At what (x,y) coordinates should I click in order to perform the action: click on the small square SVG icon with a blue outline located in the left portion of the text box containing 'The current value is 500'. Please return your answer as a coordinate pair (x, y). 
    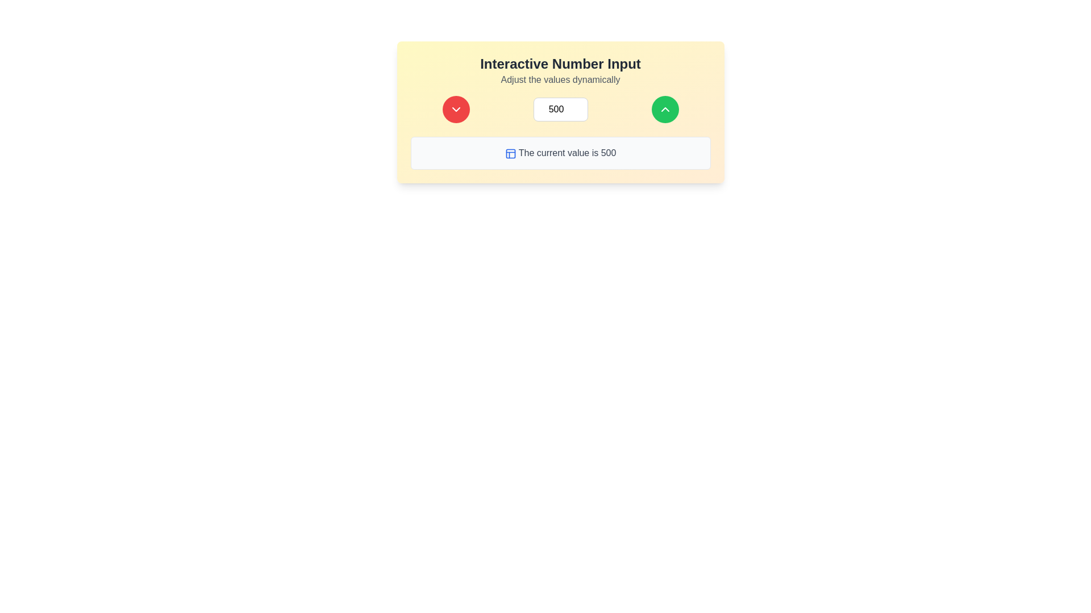
    Looking at the image, I should click on (510, 153).